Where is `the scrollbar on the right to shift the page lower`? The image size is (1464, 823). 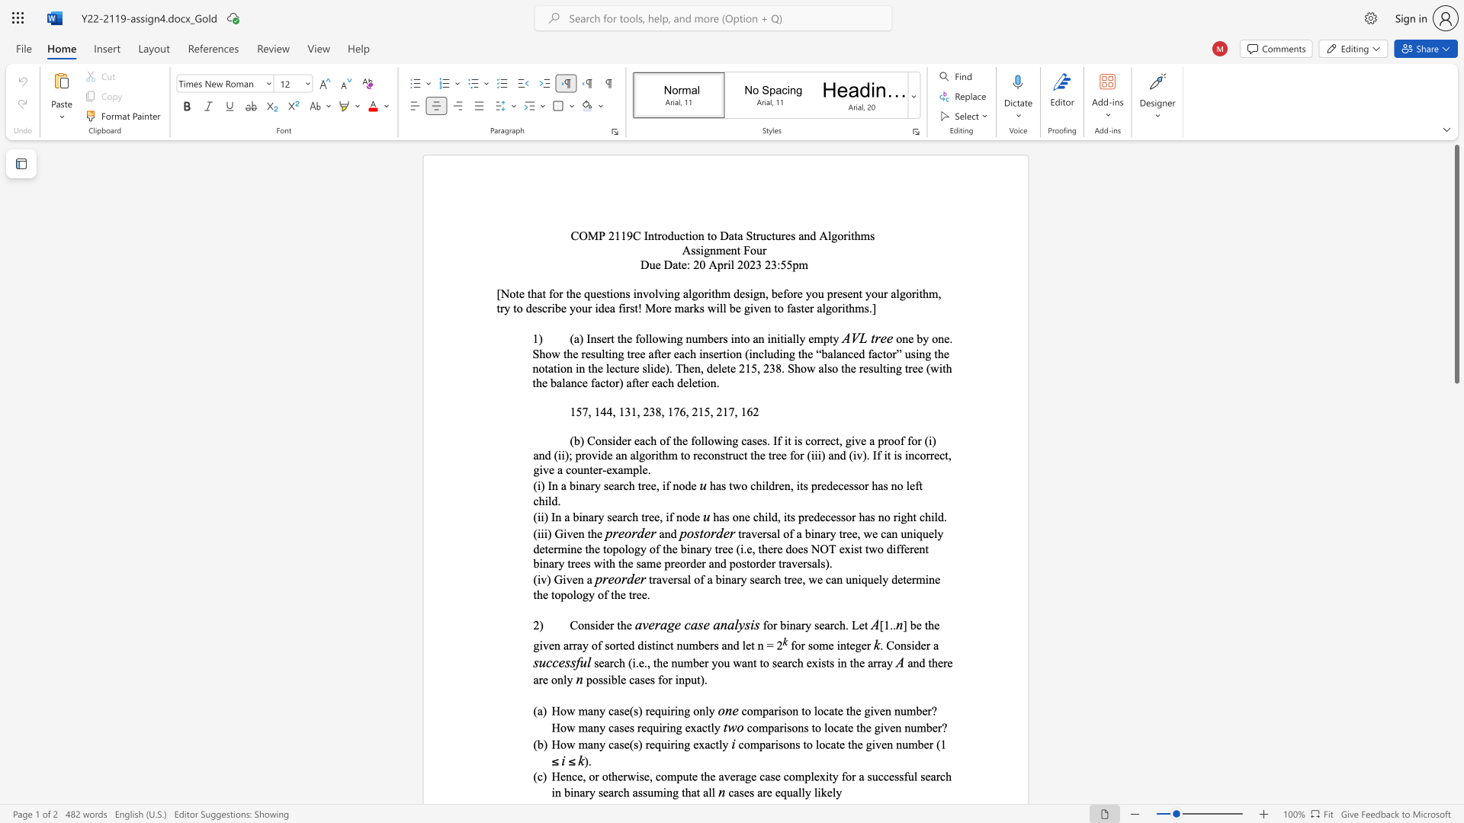 the scrollbar on the right to shift the page lower is located at coordinates (1456, 525).